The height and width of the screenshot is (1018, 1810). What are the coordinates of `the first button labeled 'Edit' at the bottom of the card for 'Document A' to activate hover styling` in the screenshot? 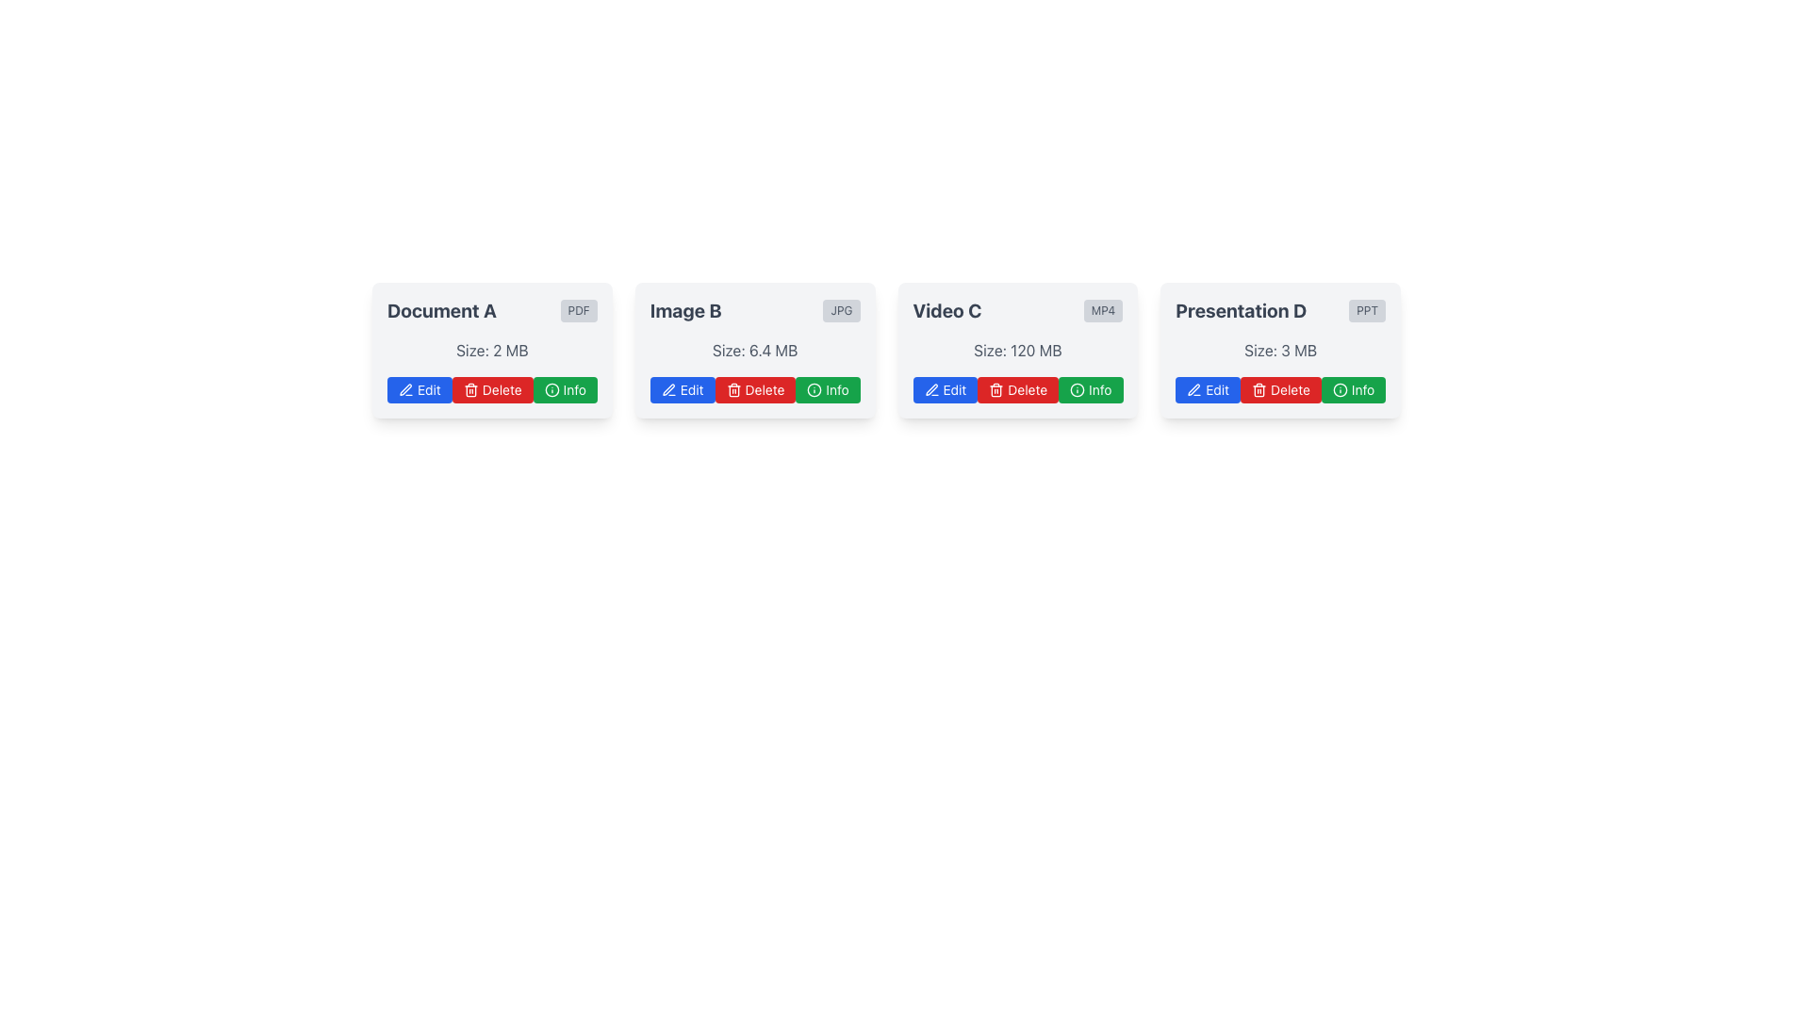 It's located at (419, 388).